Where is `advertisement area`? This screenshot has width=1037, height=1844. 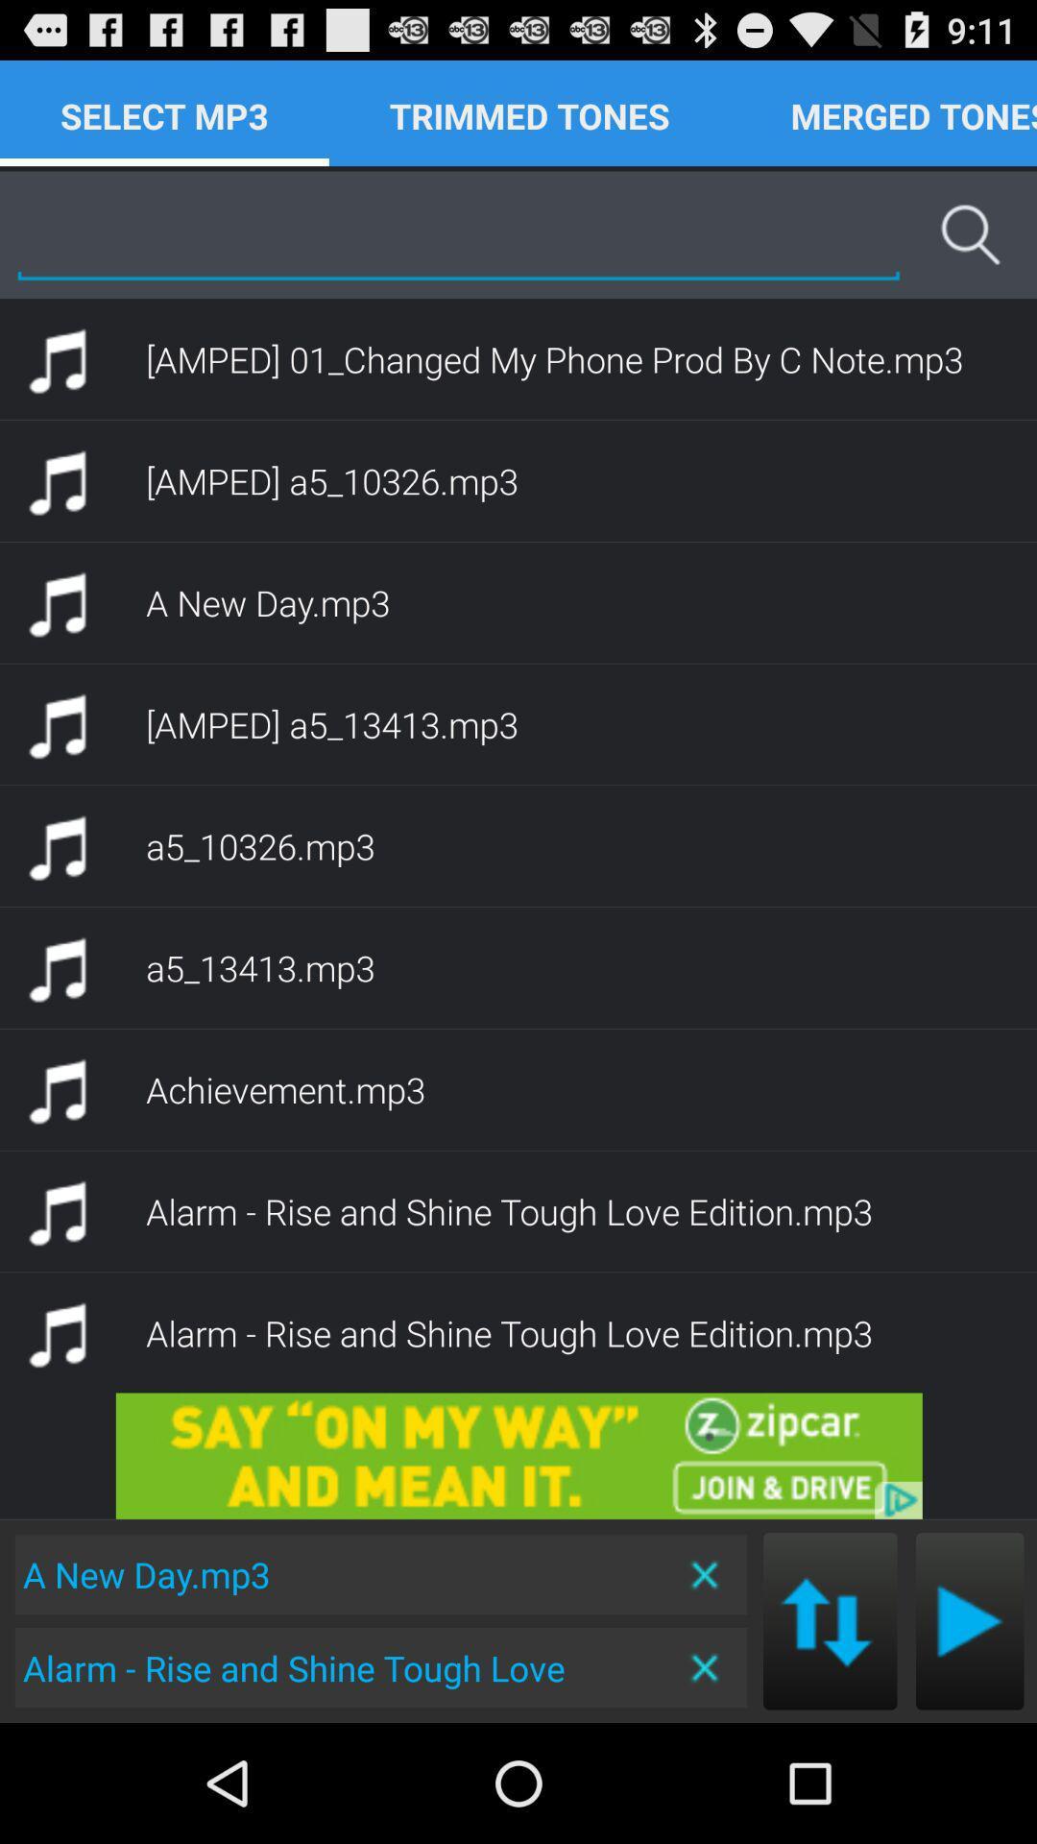
advertisement area is located at coordinates (518, 1456).